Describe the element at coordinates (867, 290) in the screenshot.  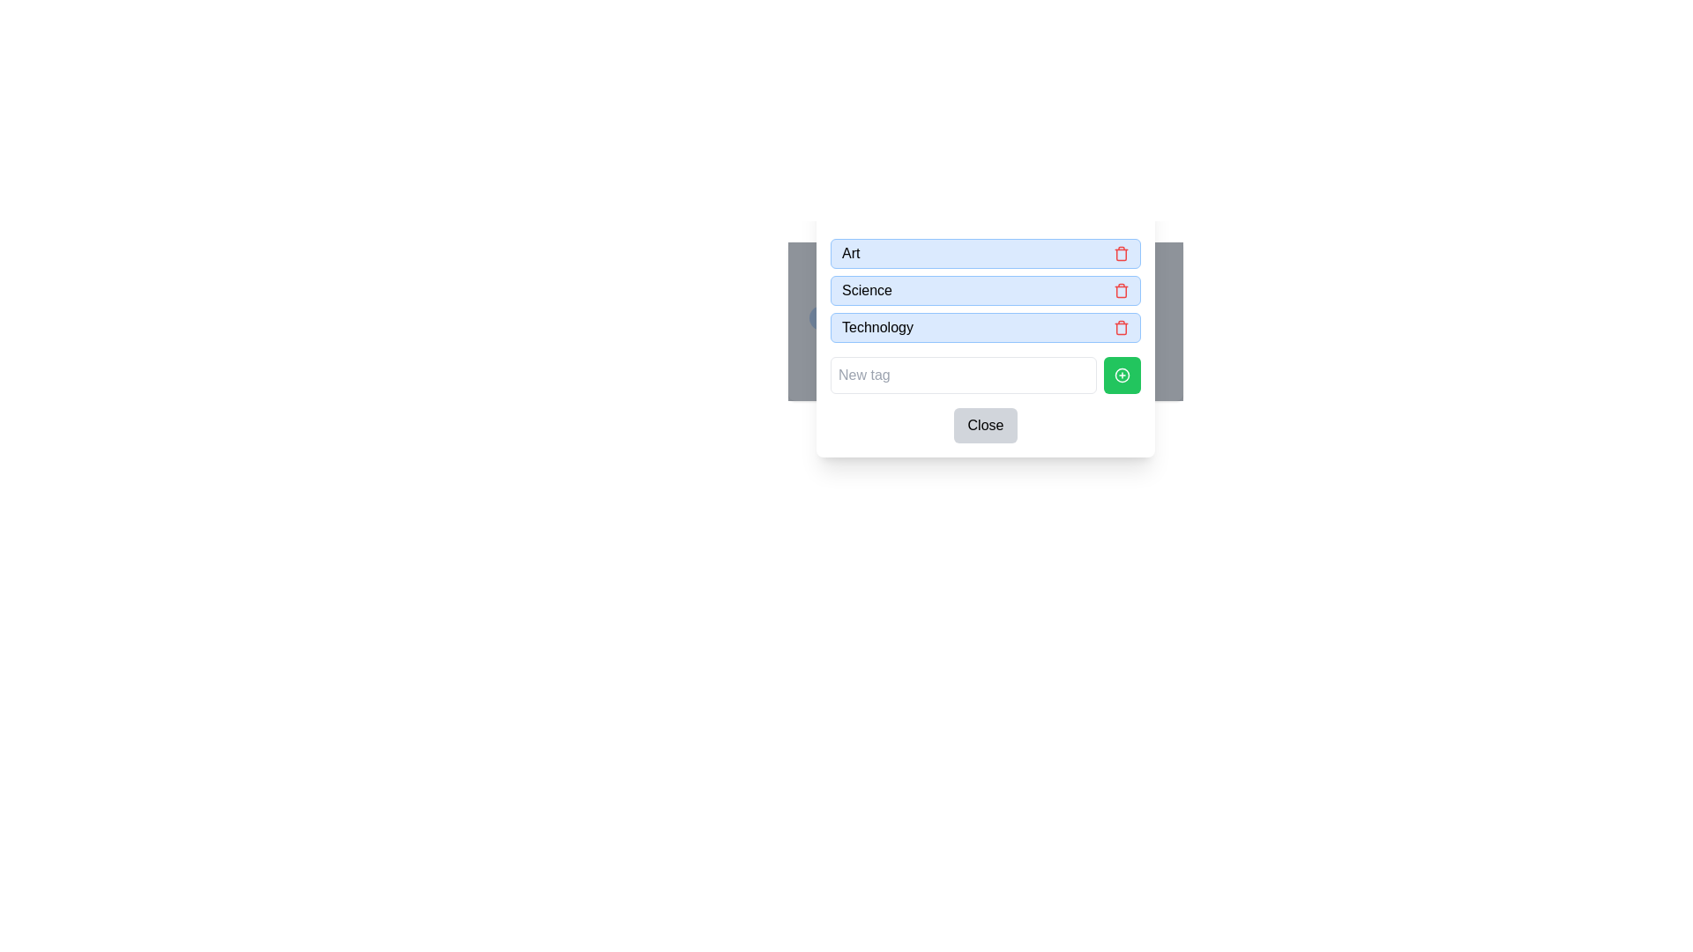
I see `the 'Science' label` at that location.